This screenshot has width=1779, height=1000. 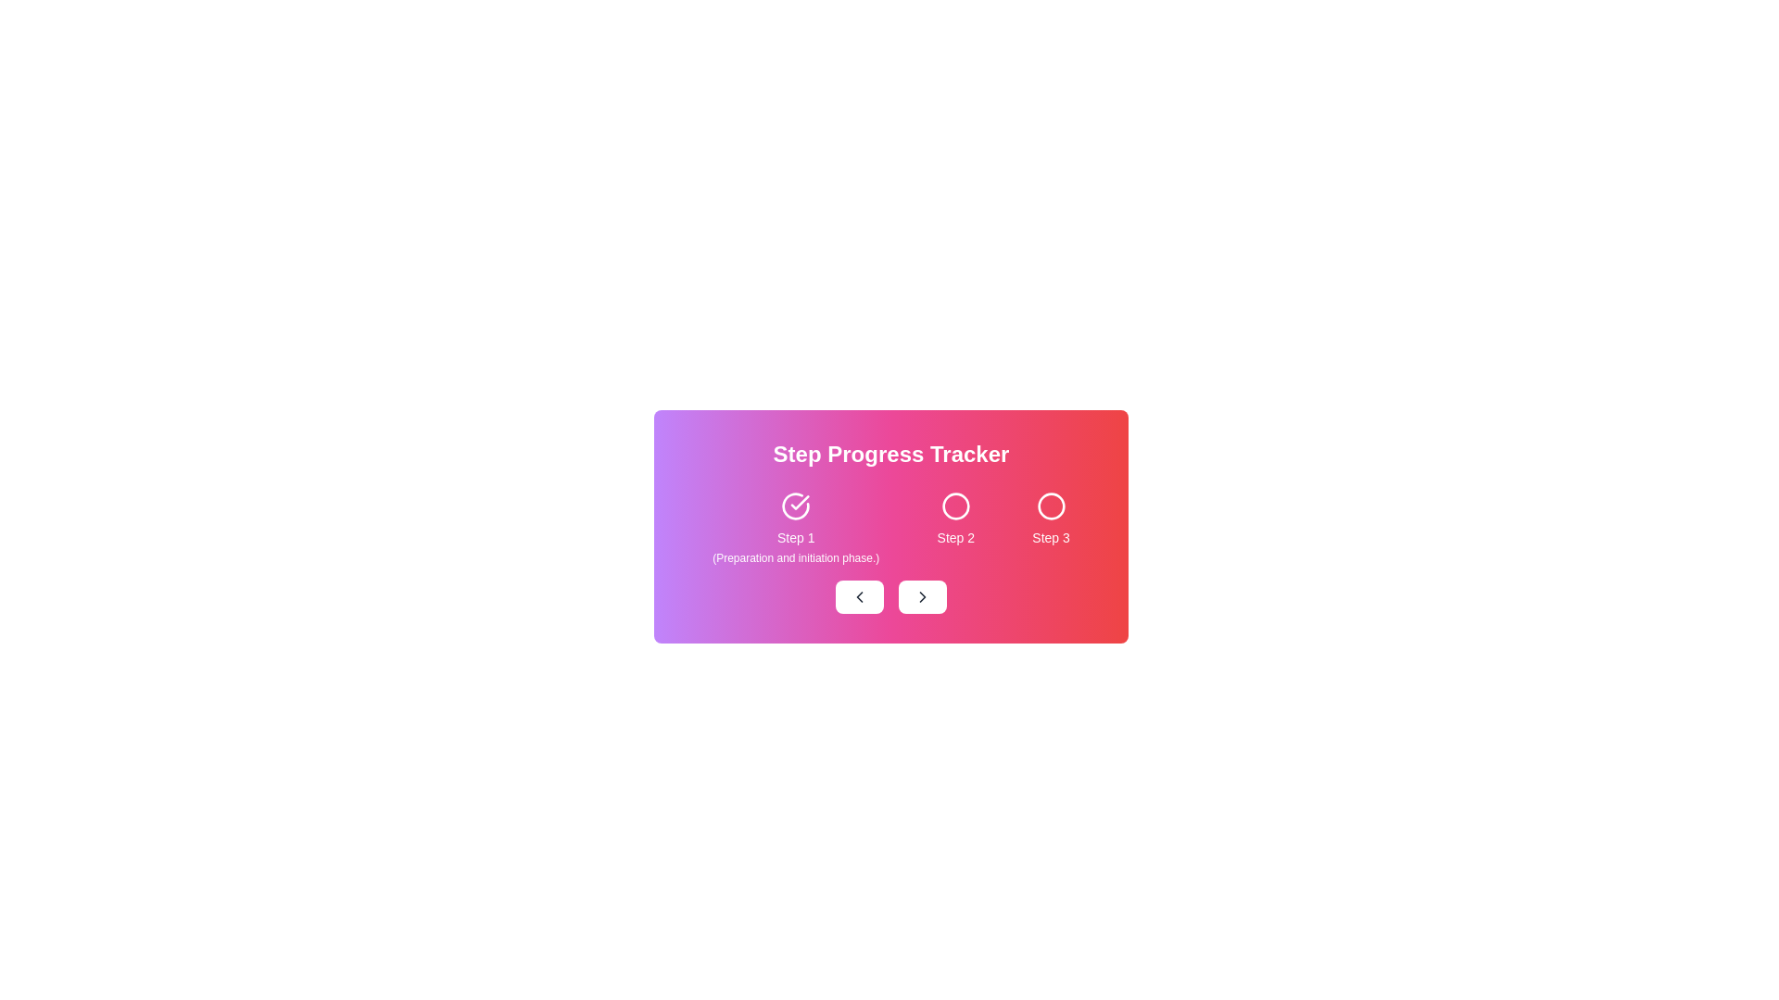 What do you see at coordinates (800, 503) in the screenshot?
I see `the circular icon representing 'Step 1' in the step progress tracker to indicate completion of this step` at bounding box center [800, 503].